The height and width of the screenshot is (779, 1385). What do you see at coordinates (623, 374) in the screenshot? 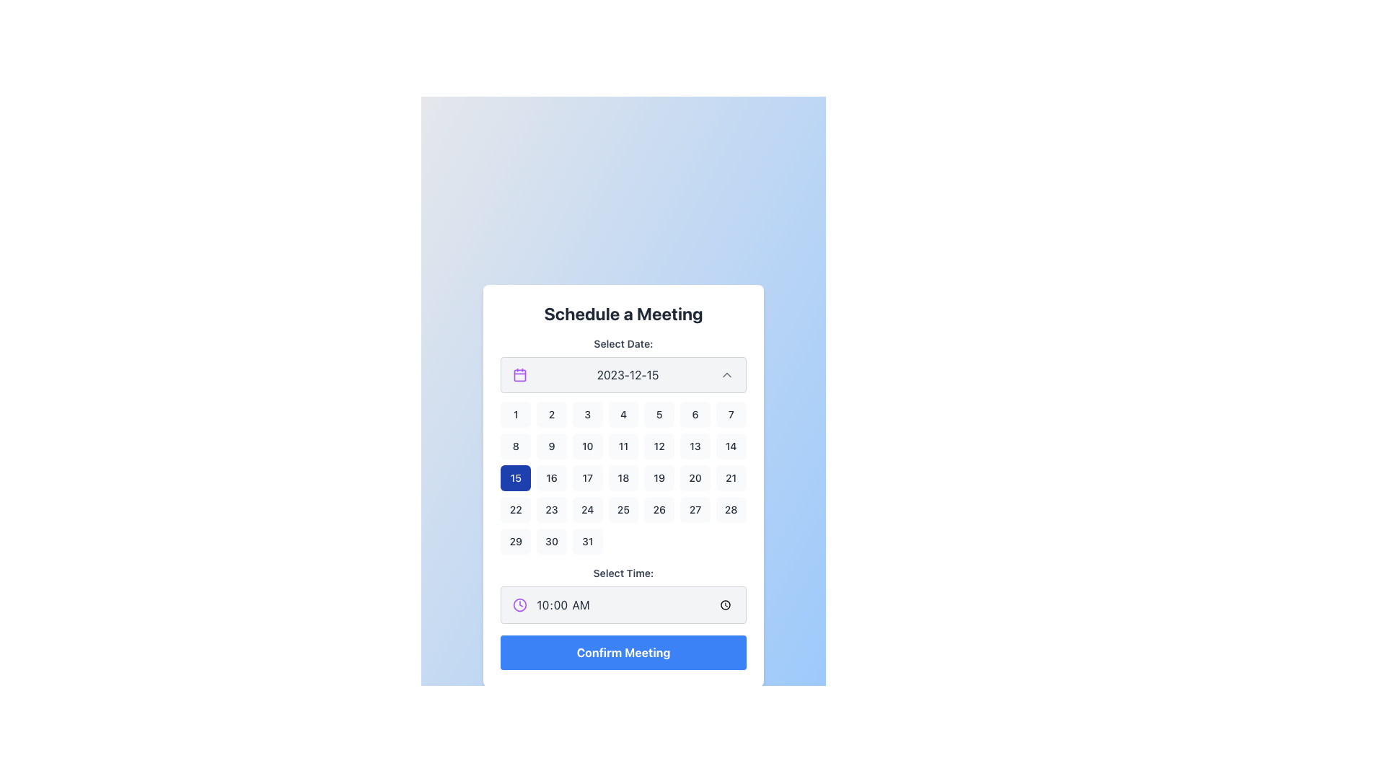
I see `the Dropdown trigger with date display located below the text 'Select Date:', which opens a calendar view for date selection` at bounding box center [623, 374].